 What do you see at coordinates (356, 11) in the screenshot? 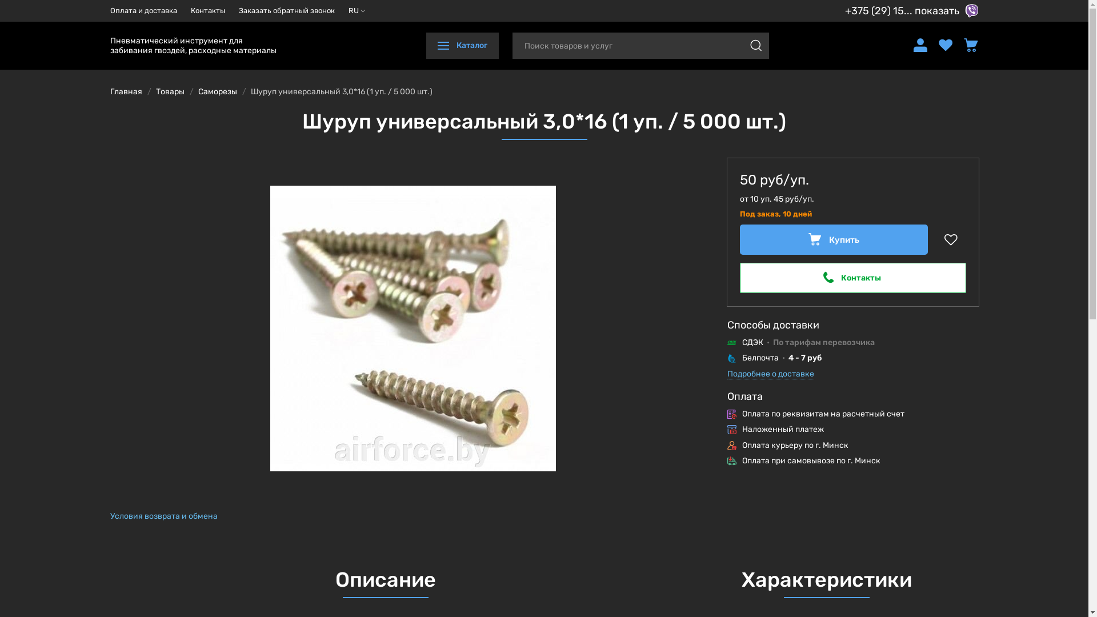
I see `'RU'` at bounding box center [356, 11].